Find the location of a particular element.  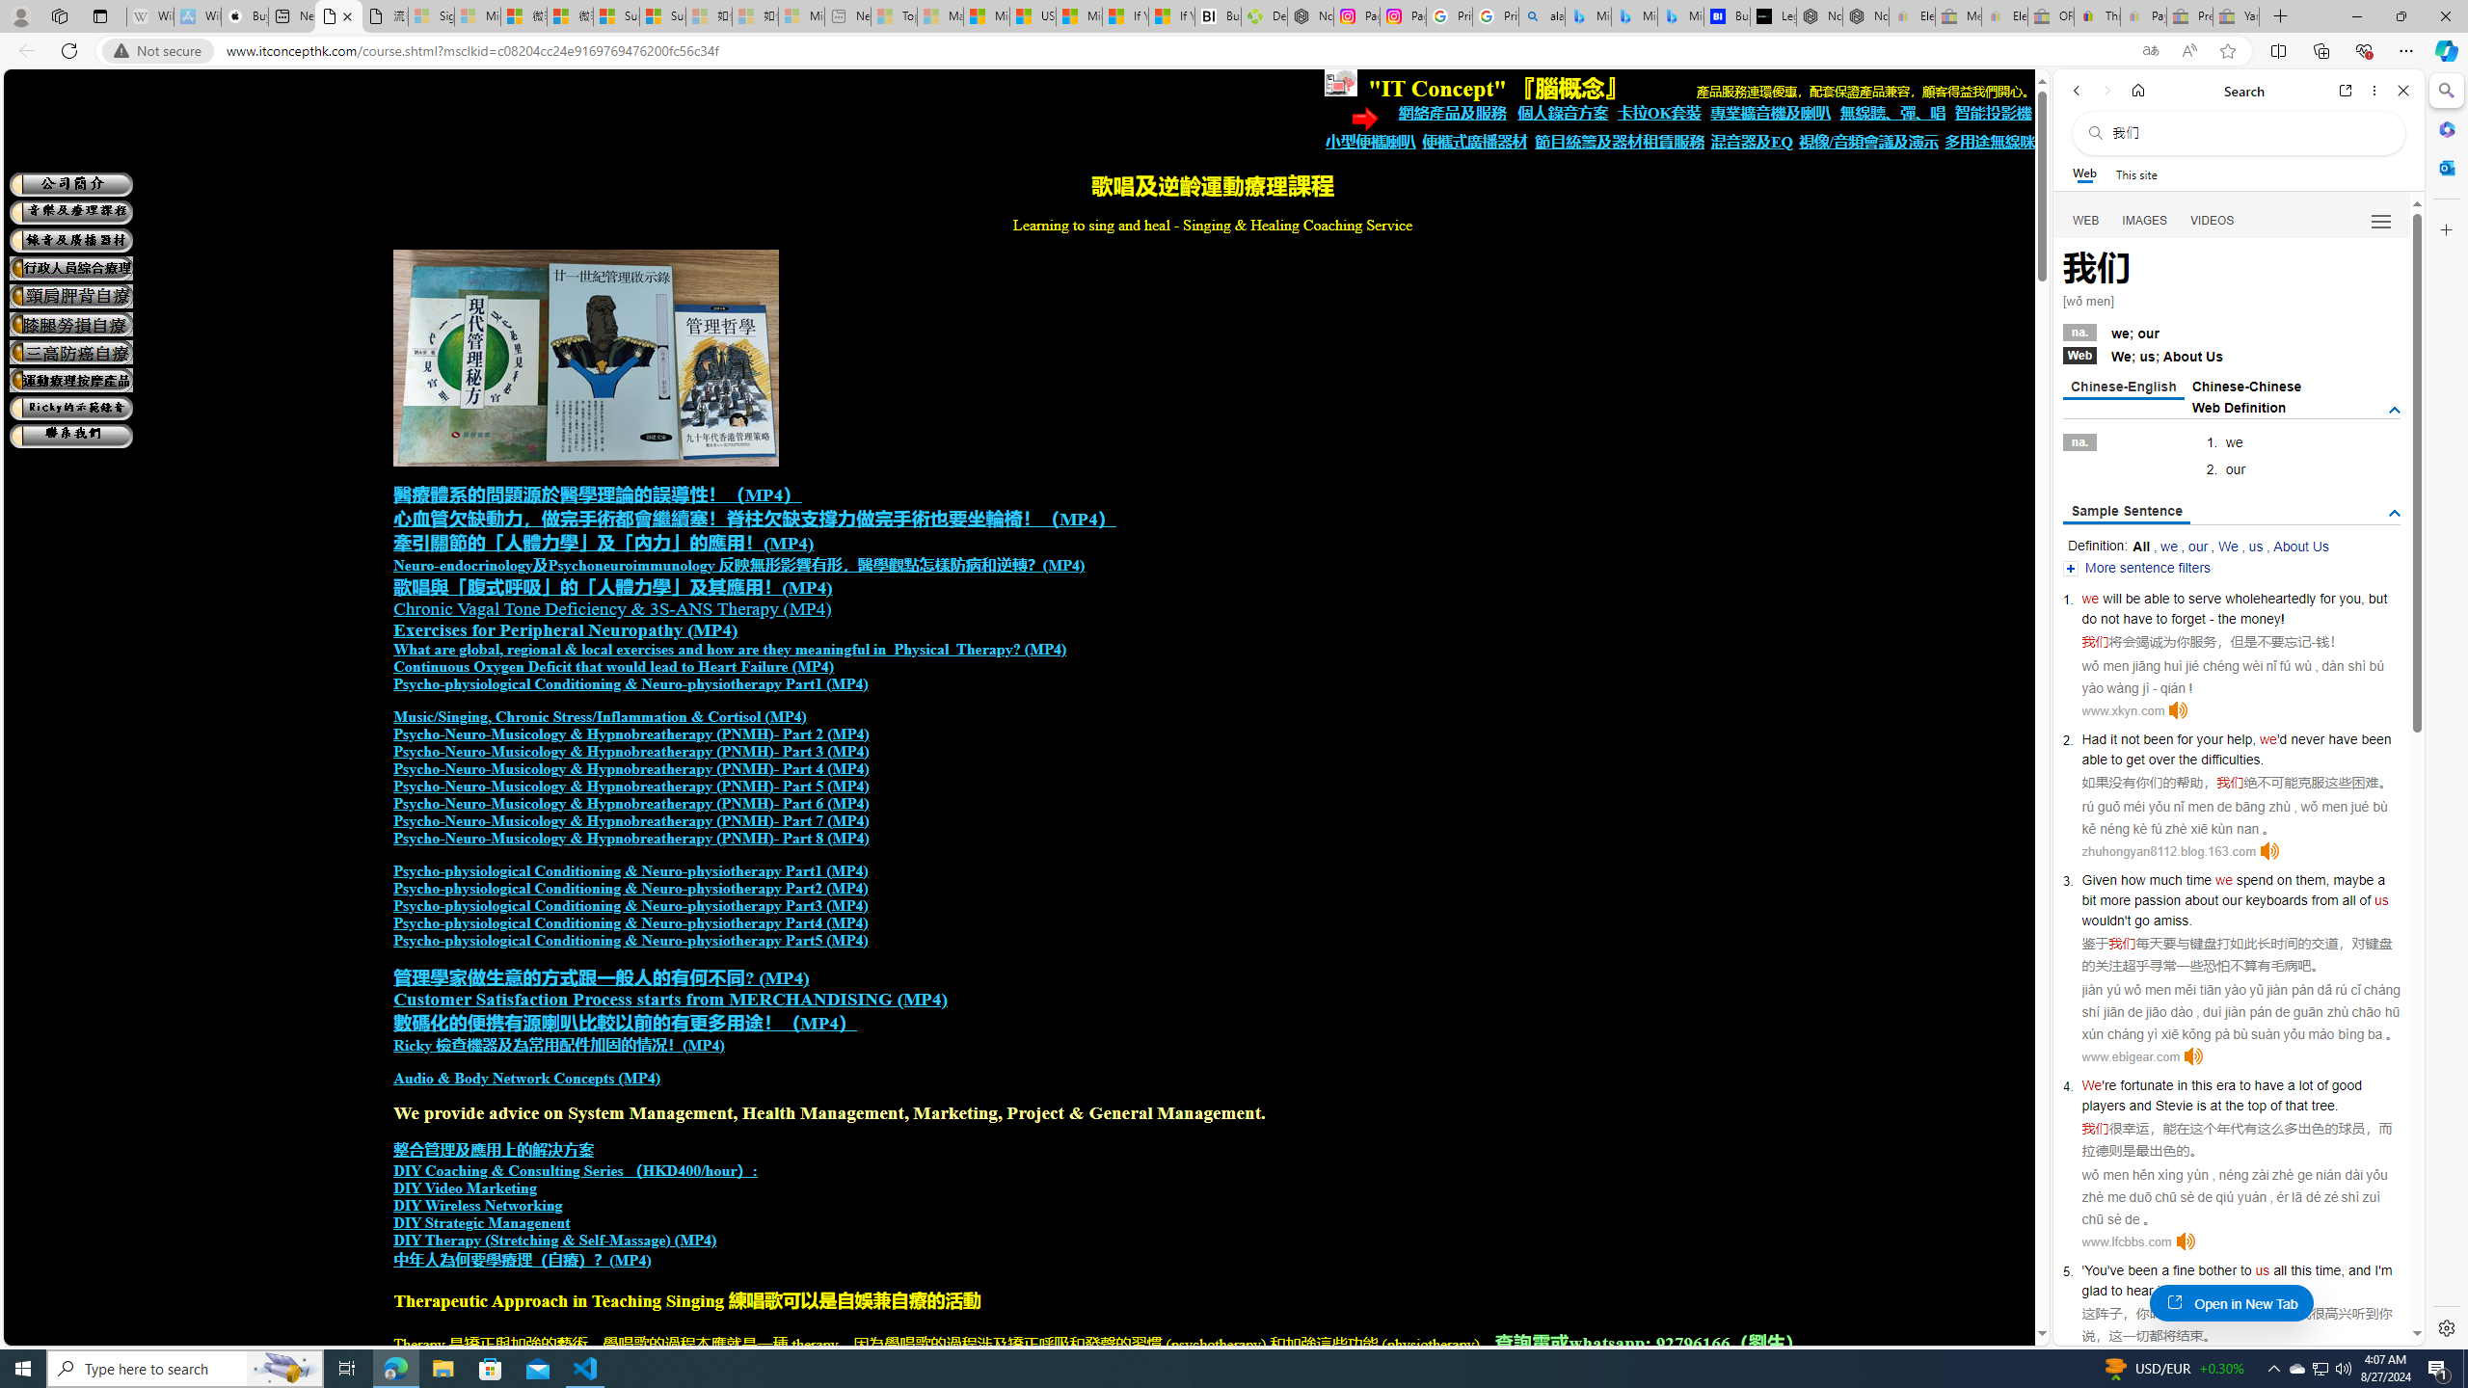

'Sign in to your Microsoft account - Sleeping' is located at coordinates (432, 15).